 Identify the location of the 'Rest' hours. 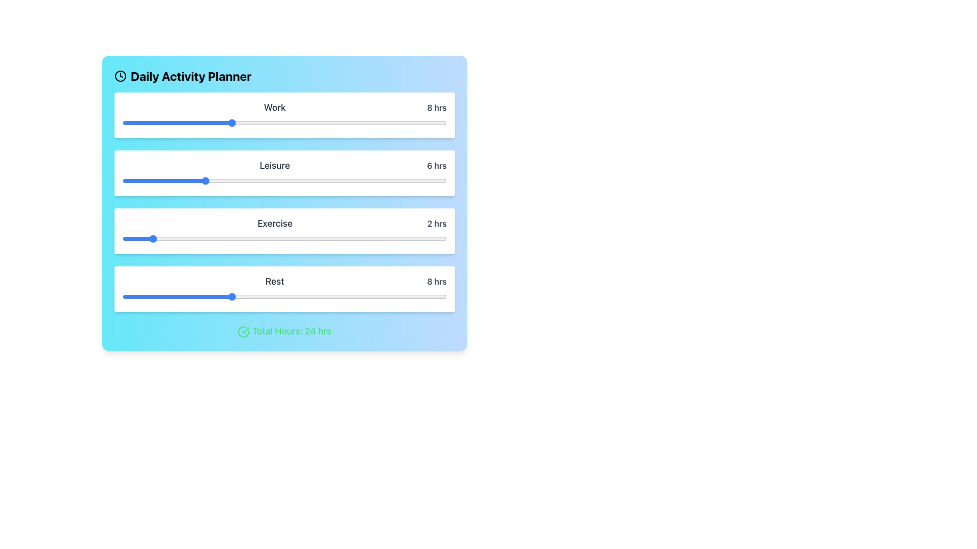
(149, 296).